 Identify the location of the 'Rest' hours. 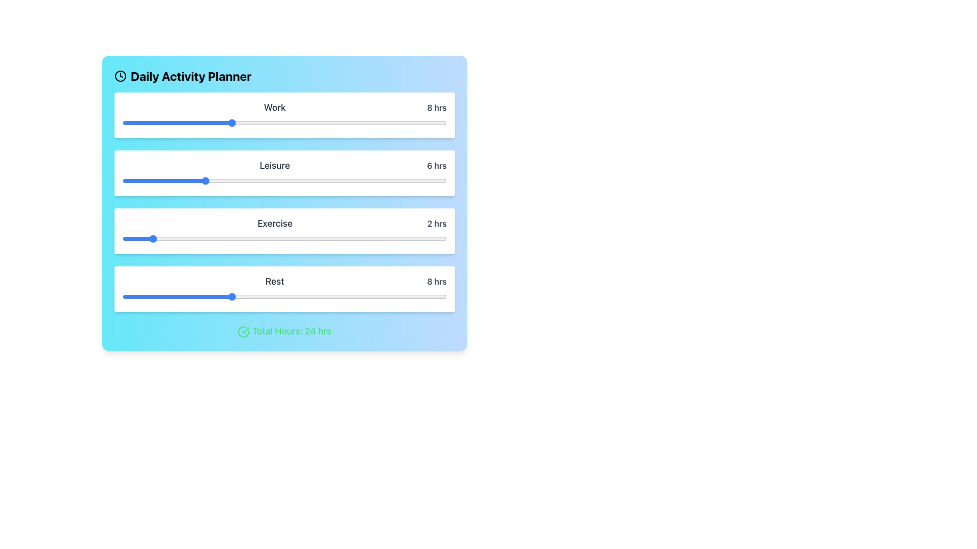
(149, 296).